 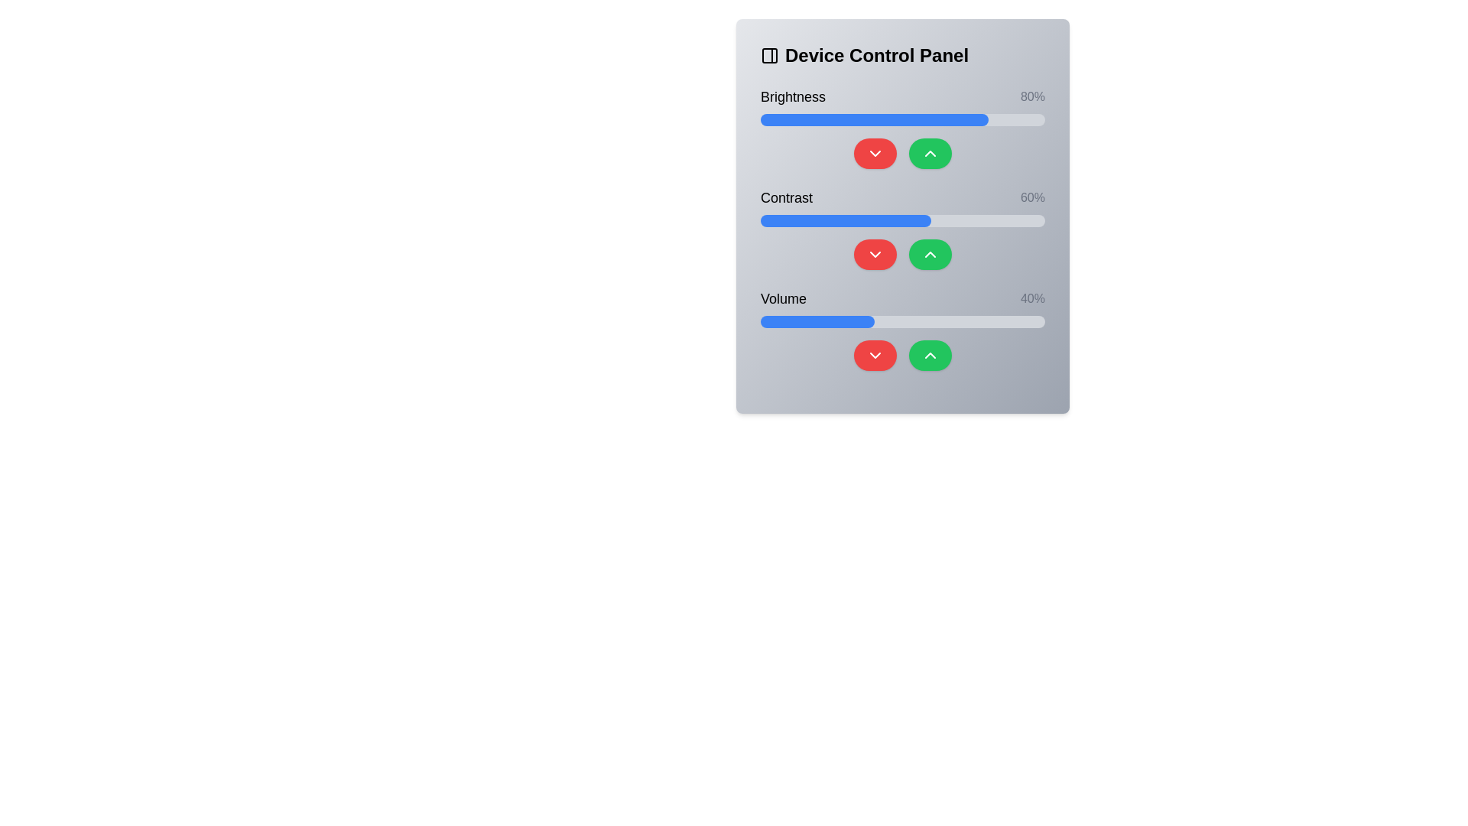 What do you see at coordinates (902, 55) in the screenshot?
I see `text content of the 'Device Control Panel' label, which is a bold text label located at the top of the panel, accompanied by an icon on the left` at bounding box center [902, 55].